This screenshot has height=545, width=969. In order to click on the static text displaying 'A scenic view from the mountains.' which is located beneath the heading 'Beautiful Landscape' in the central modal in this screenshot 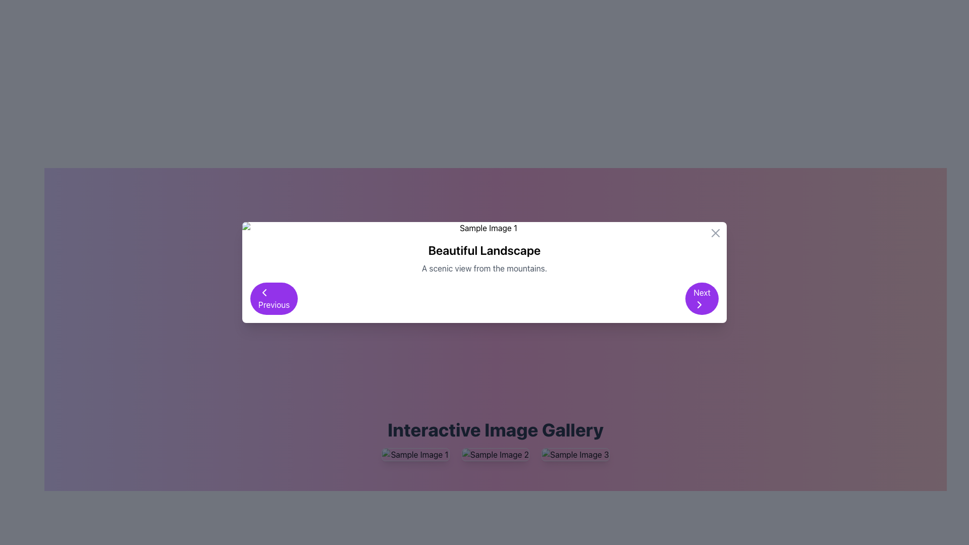, I will do `click(484, 268)`.